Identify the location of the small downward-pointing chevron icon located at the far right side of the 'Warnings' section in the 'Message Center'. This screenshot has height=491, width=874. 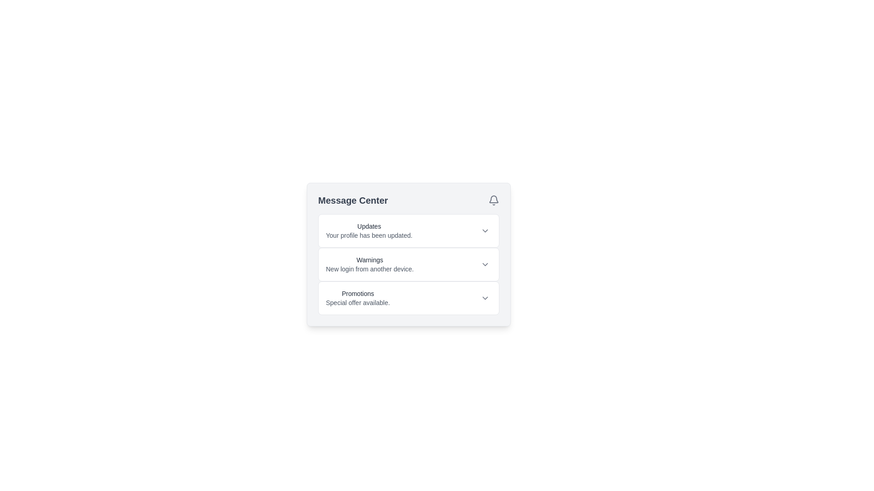
(484, 265).